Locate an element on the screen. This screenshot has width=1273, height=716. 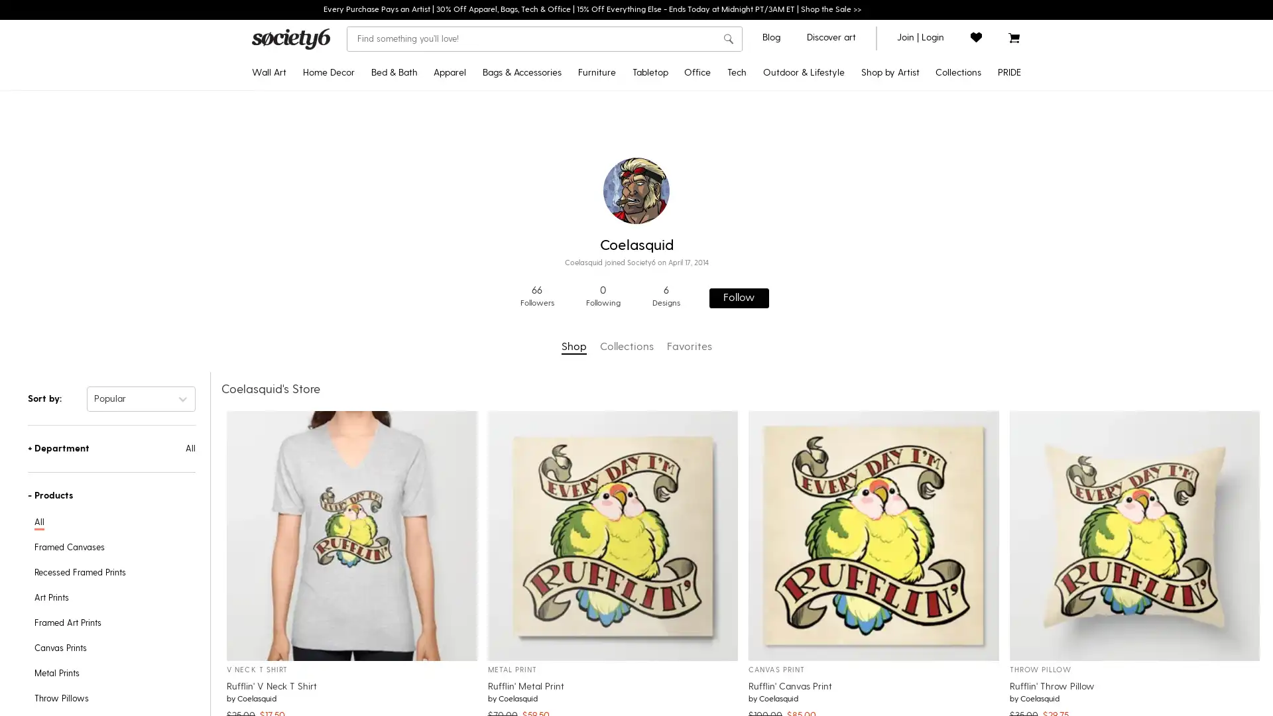
2022 Home Decor Guide is located at coordinates (909, 149).